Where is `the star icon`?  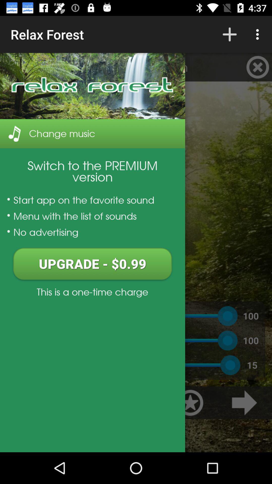
the star icon is located at coordinates (190, 402).